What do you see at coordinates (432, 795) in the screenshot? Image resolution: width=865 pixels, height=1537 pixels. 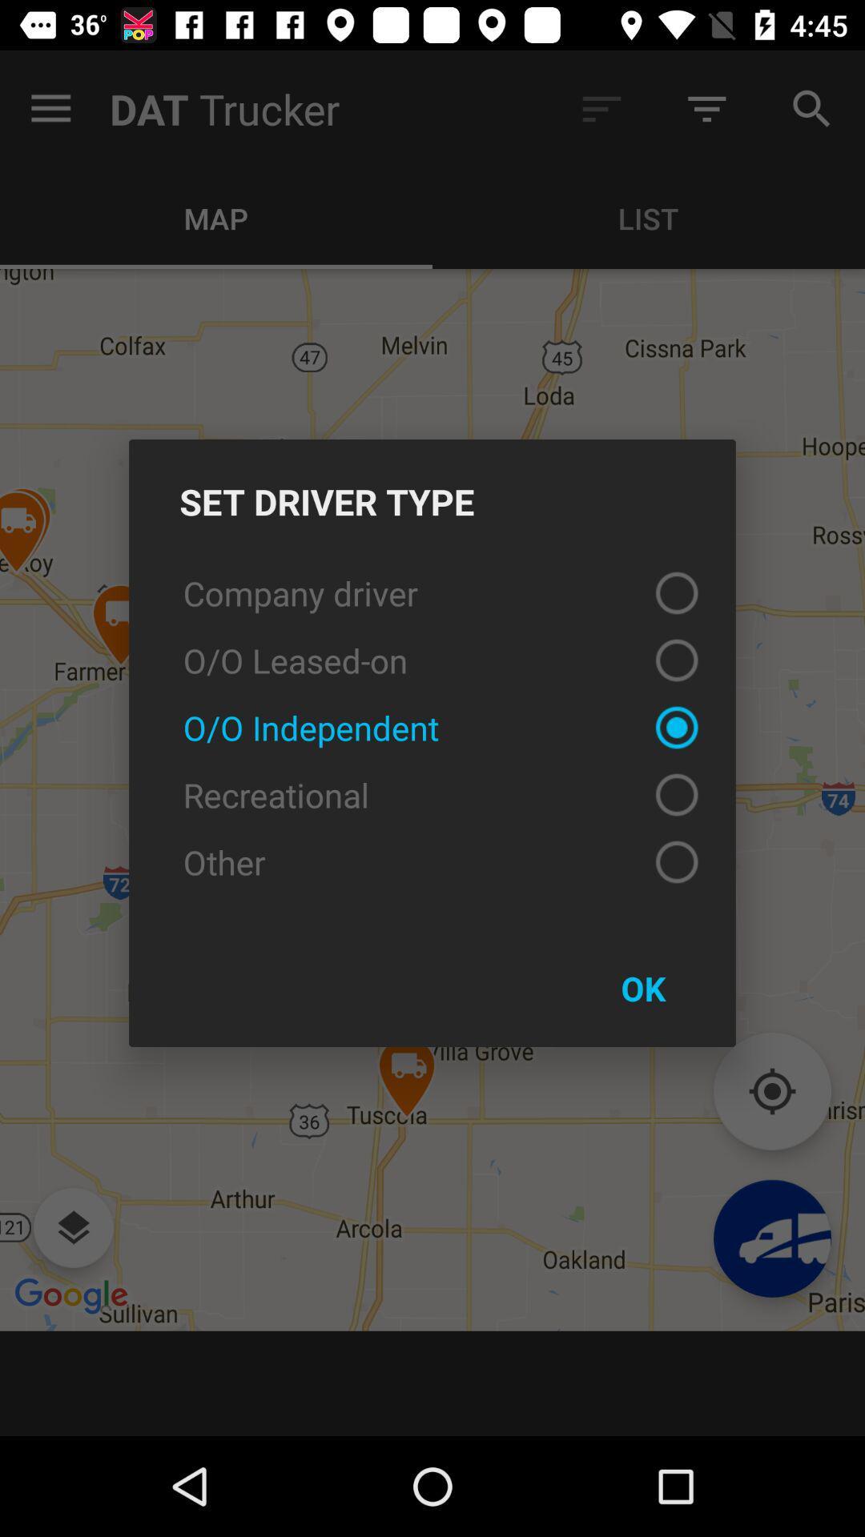 I see `item below the o/o independent` at bounding box center [432, 795].